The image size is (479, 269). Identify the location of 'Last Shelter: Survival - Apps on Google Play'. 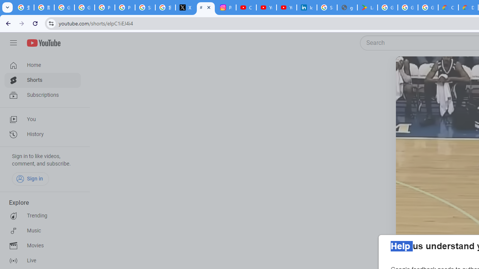
(367, 7).